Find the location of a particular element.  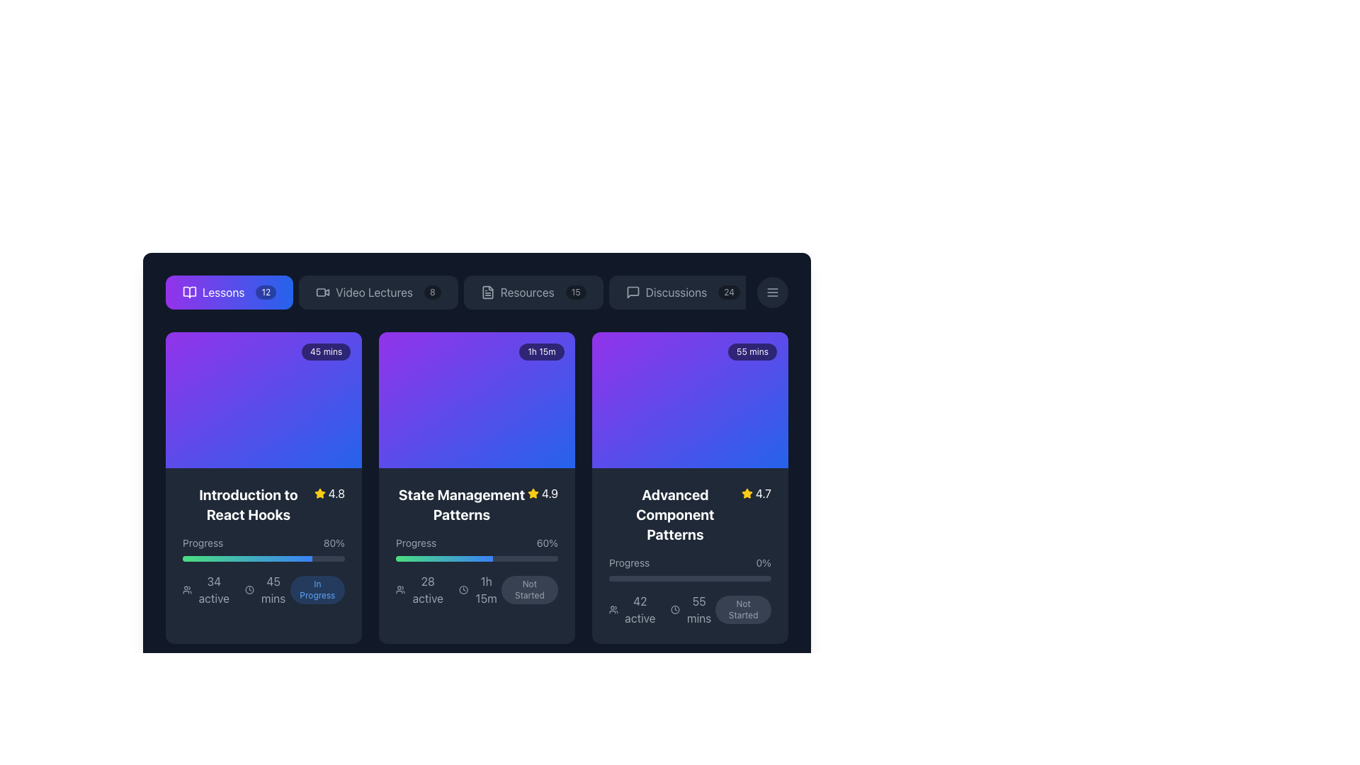

the Status indicator tag with blue background and text 'In Progress' located at the bottom-right of the card for 'Introduction to React Hooks' is located at coordinates (317, 590).